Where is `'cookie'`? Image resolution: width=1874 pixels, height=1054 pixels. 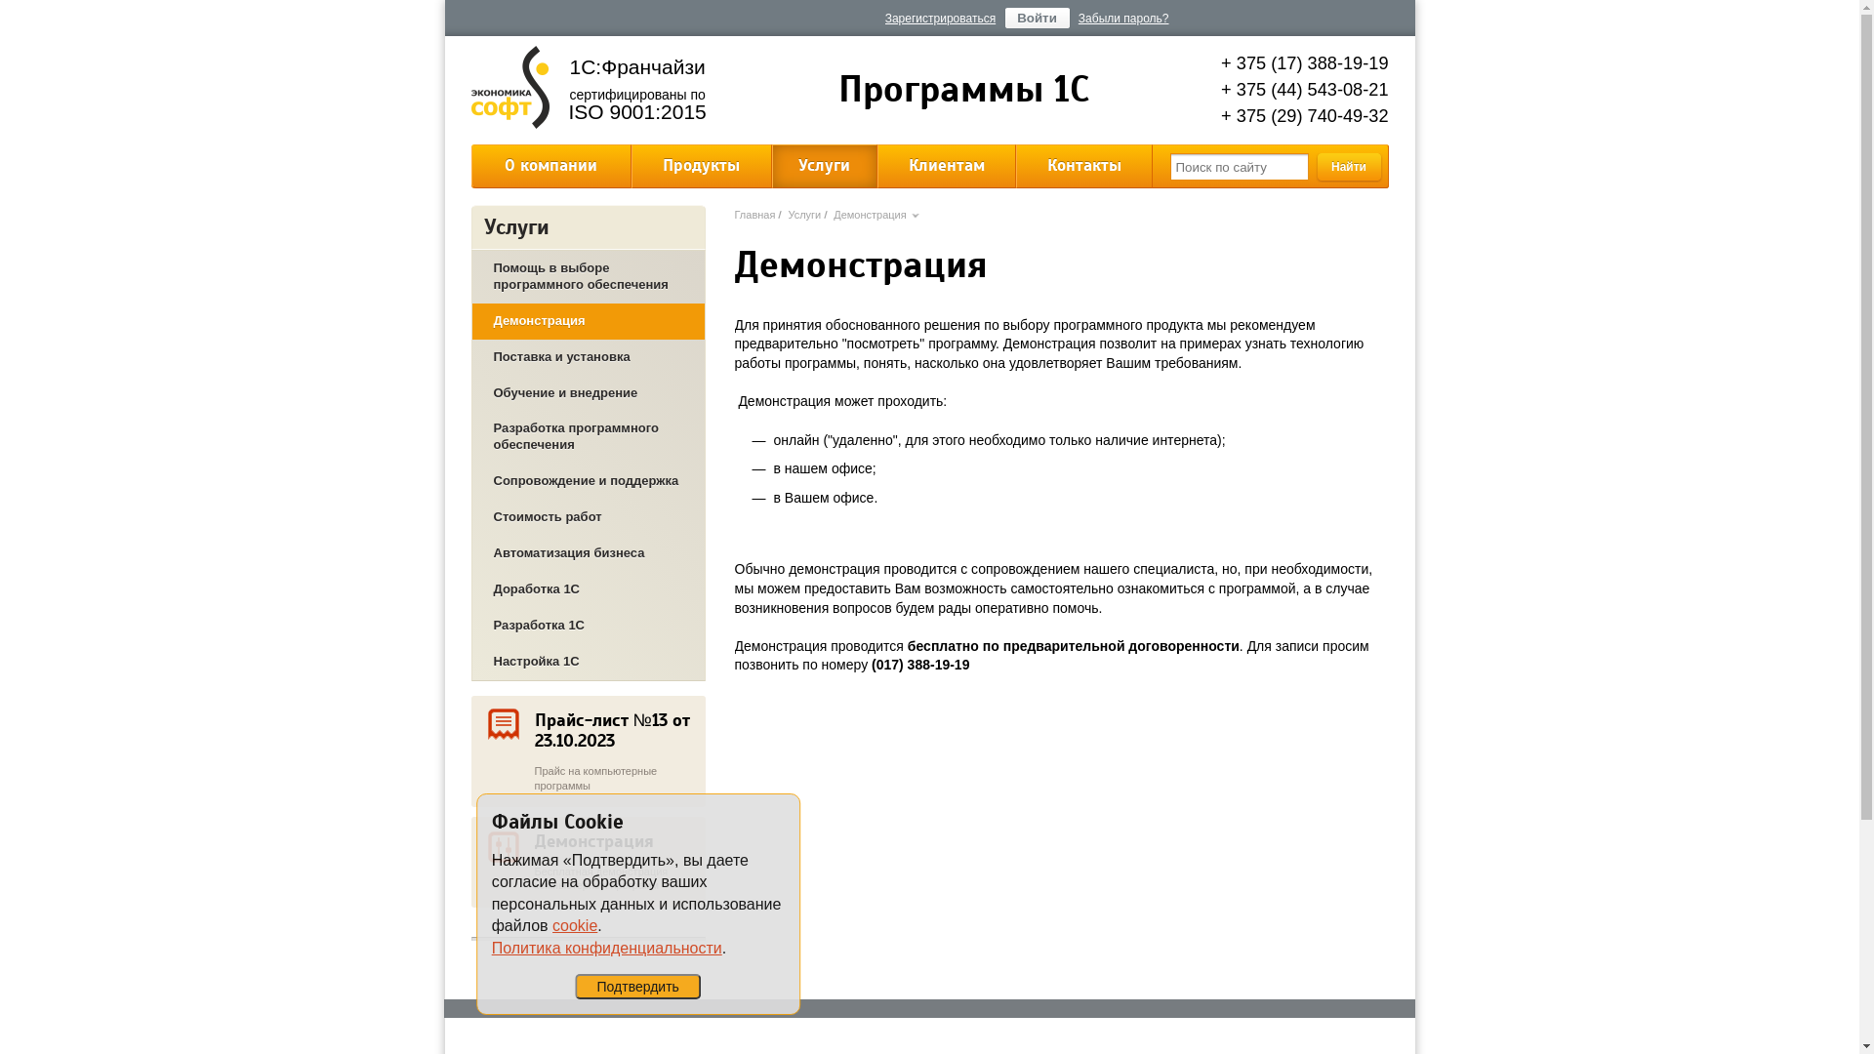 'cookie' is located at coordinates (574, 924).